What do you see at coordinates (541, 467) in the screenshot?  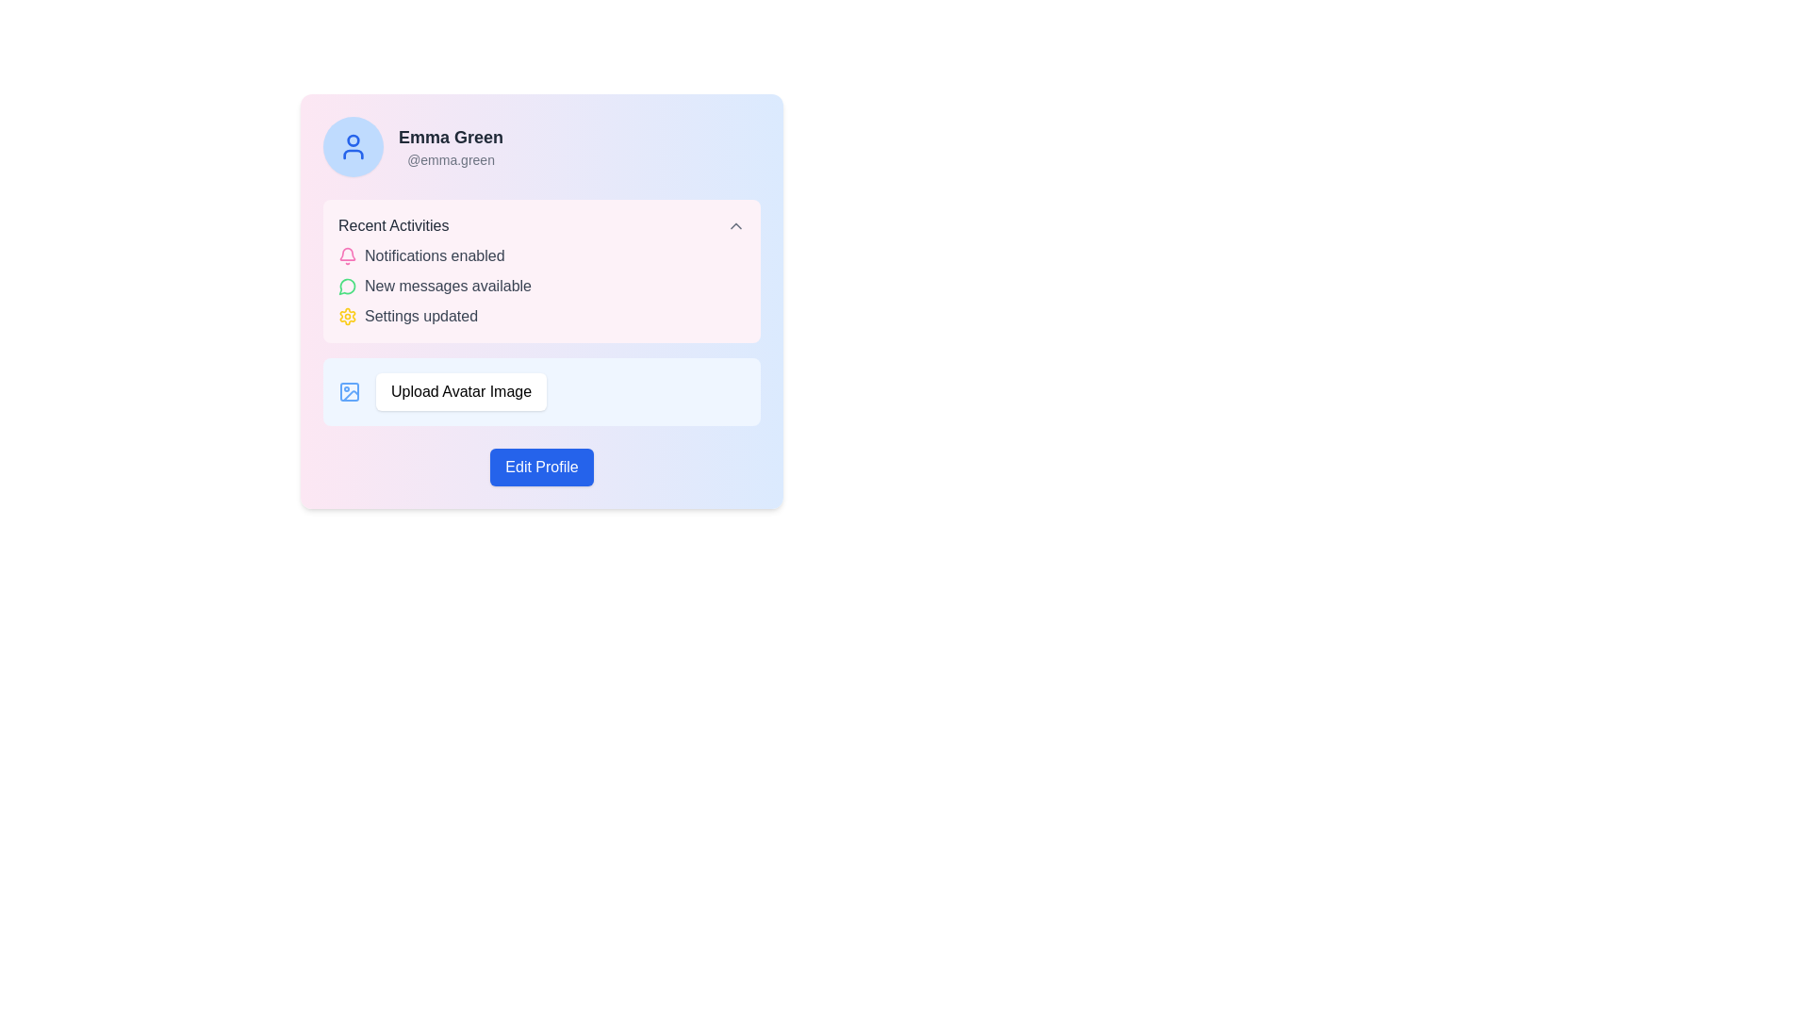 I see `the 'Edit Profile' button located at the bottom section of the user information card for user 'Emma Green'` at bounding box center [541, 467].